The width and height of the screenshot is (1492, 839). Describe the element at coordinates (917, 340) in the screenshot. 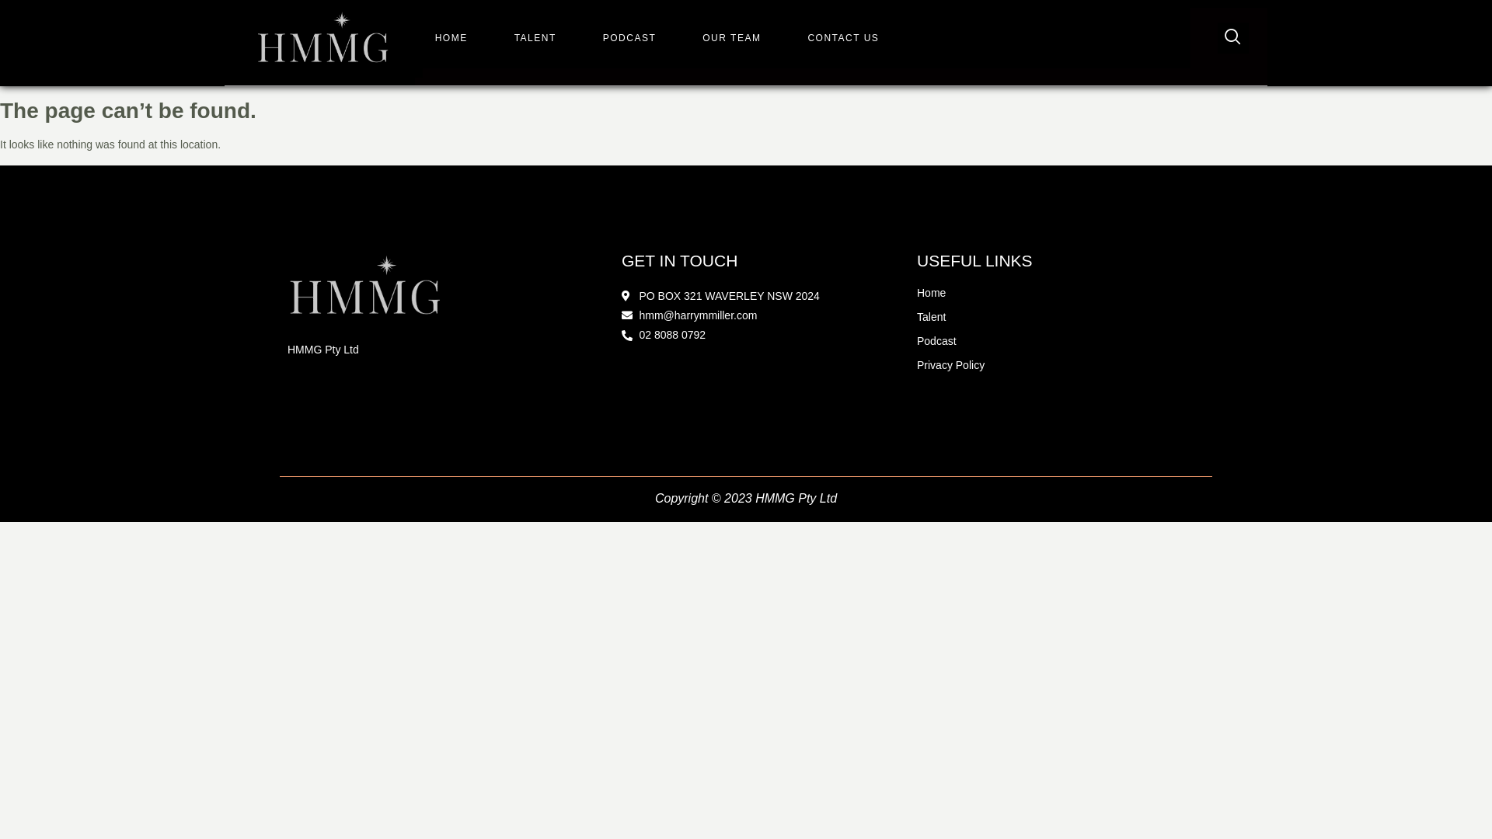

I see `'Podcast'` at that location.